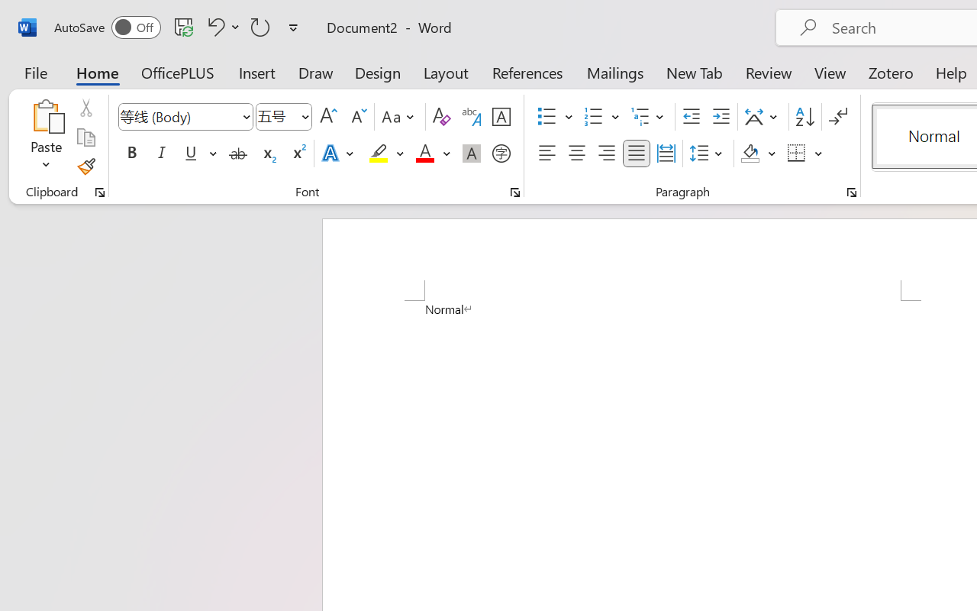 The image size is (977, 611). Describe the element at coordinates (445, 72) in the screenshot. I see `'Layout'` at that location.